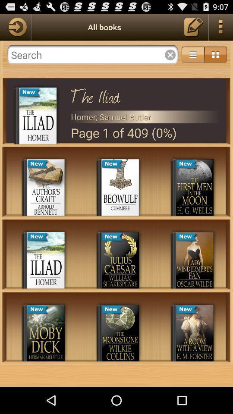  Describe the element at coordinates (145, 94) in the screenshot. I see `the item above the homer; samuel butler icon` at that location.